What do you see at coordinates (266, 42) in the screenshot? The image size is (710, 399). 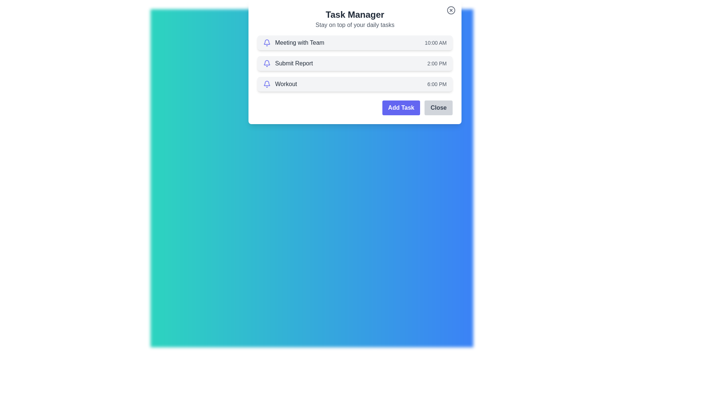 I see `the bell icon indicating a notification for the 'Meeting with Team' task in the task manager list` at bounding box center [266, 42].